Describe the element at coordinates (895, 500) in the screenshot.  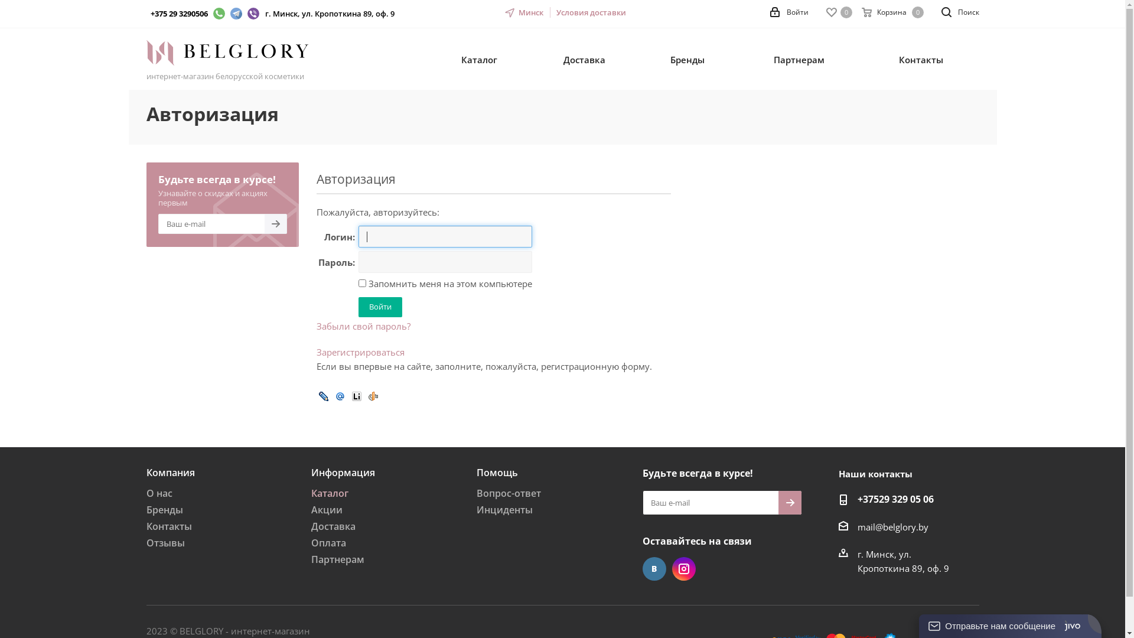
I see `'+37529 329 05 06'` at that location.